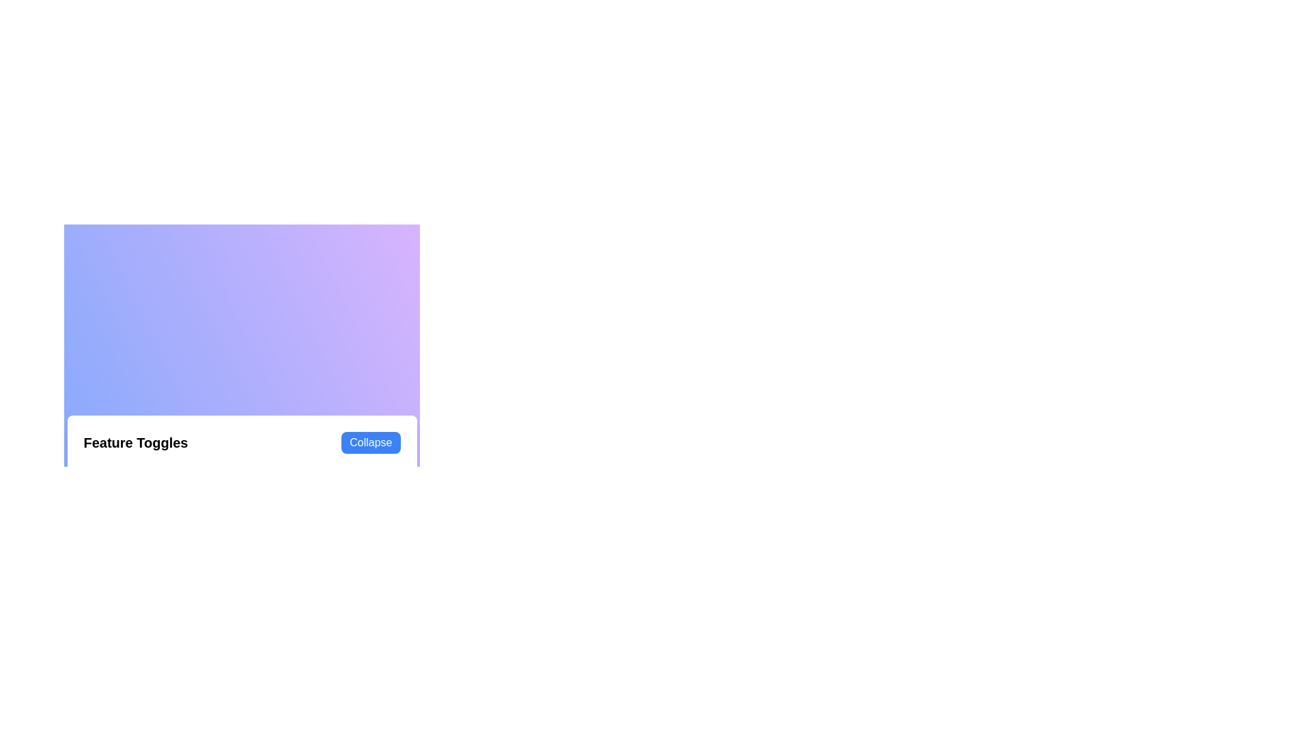 The height and width of the screenshot is (737, 1311). I want to click on the 'Collapse' button to toggle the menu expansion state, so click(371, 442).